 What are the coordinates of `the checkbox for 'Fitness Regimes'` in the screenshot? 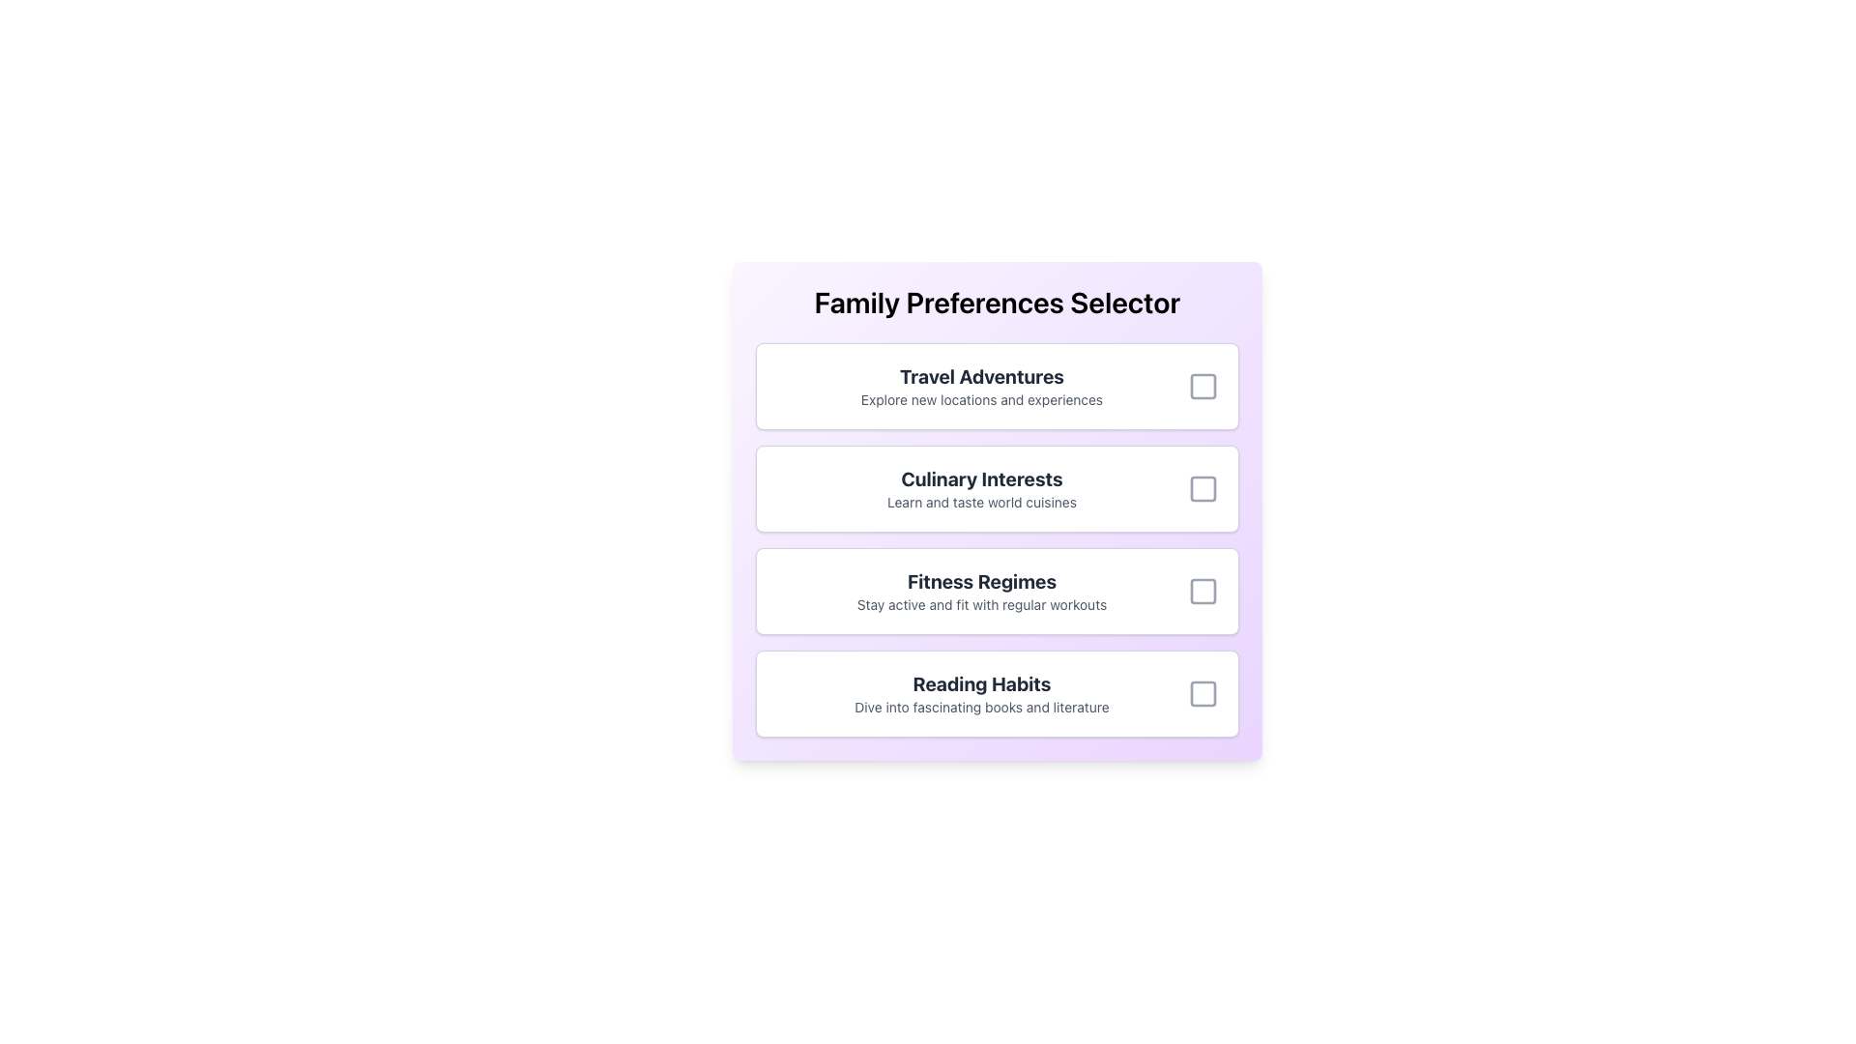 It's located at (1202, 591).